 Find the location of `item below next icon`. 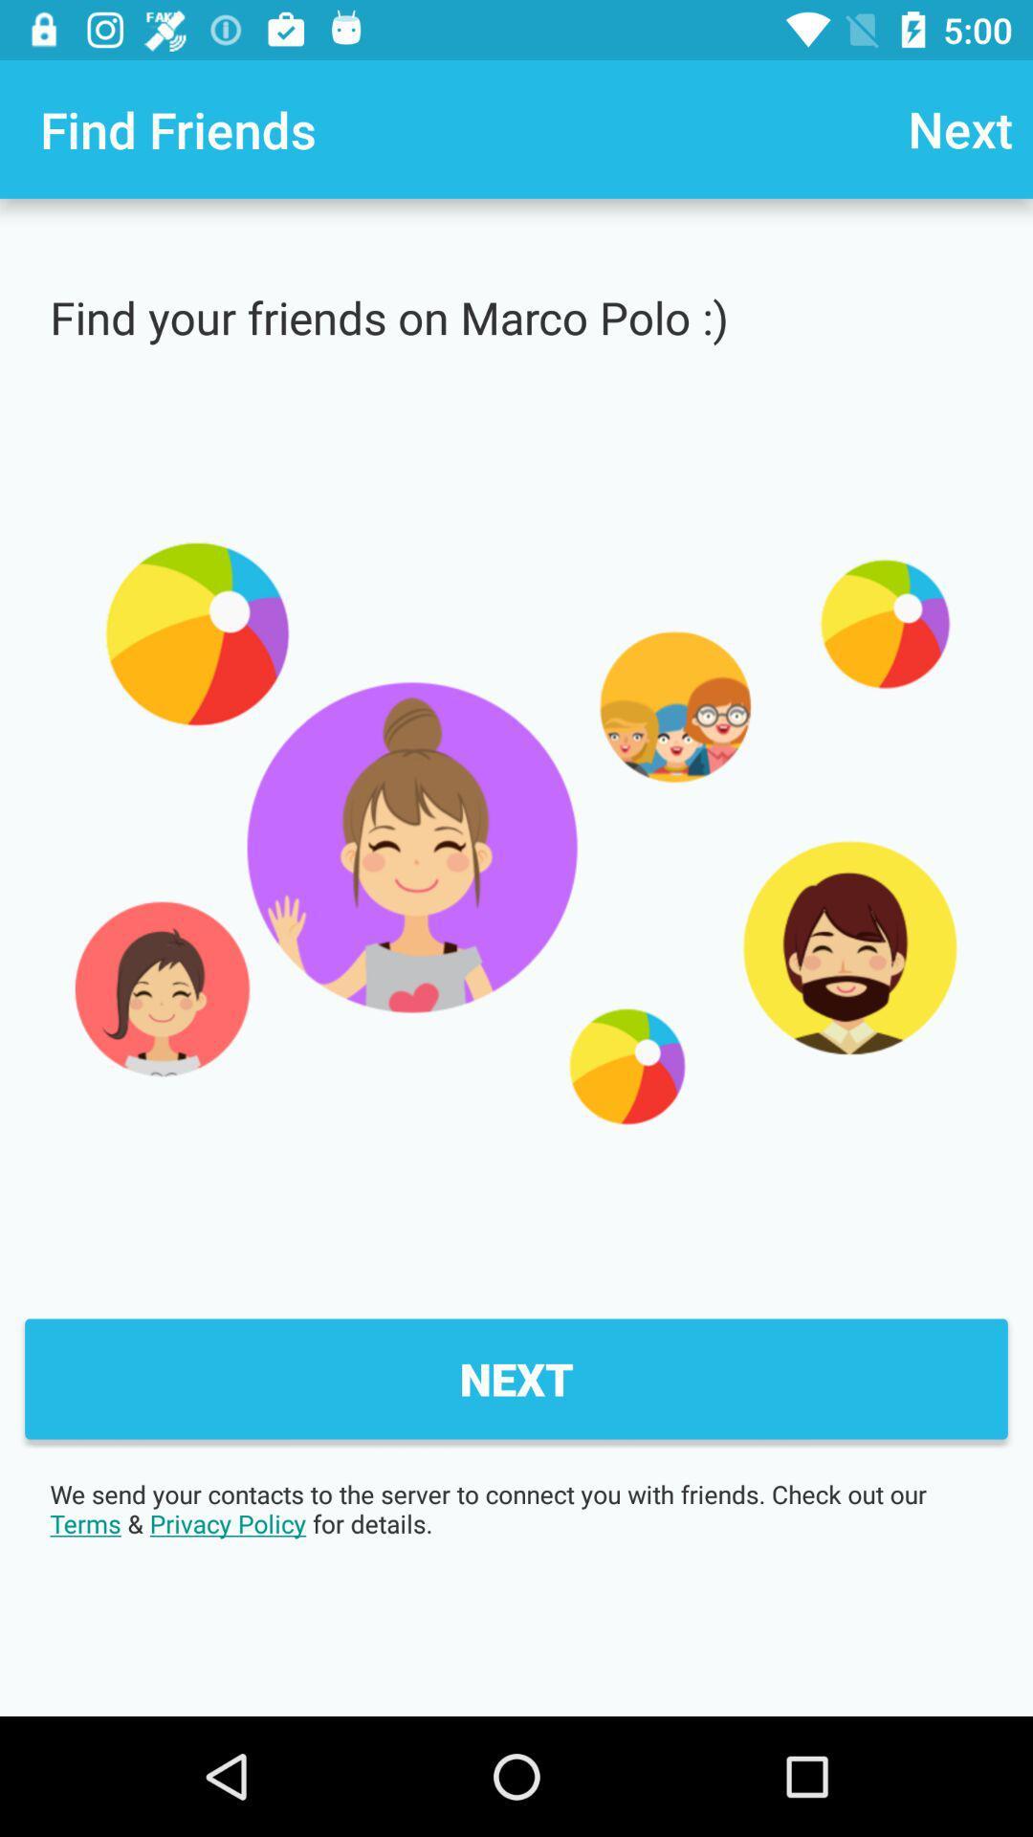

item below next icon is located at coordinates (516, 1508).